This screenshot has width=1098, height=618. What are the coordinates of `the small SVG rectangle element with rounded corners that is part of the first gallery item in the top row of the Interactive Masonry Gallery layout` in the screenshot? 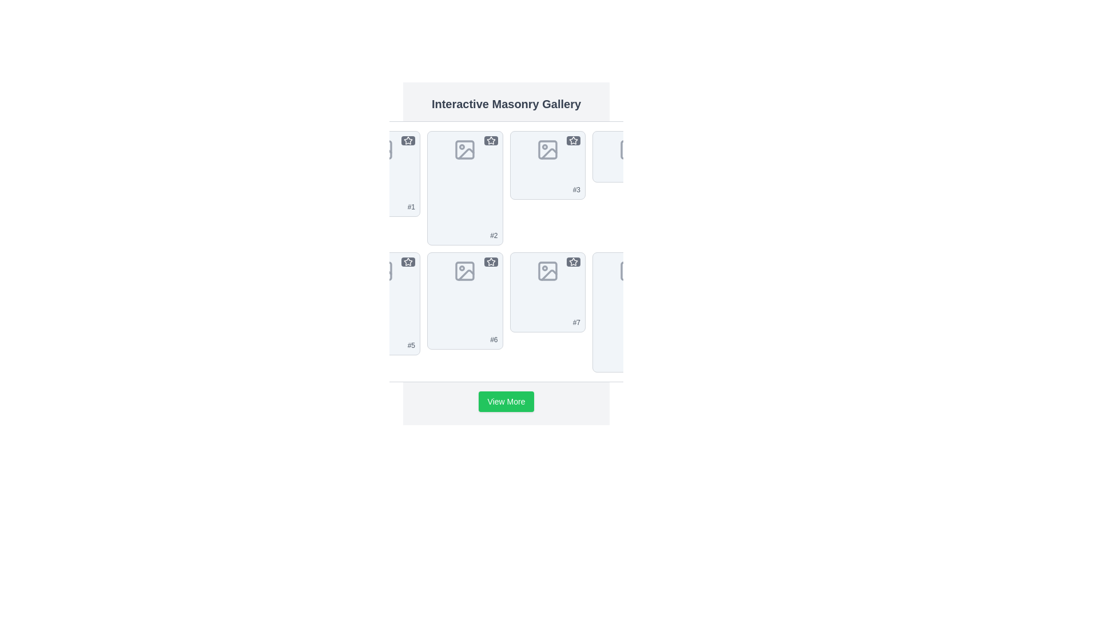 It's located at (382, 149).